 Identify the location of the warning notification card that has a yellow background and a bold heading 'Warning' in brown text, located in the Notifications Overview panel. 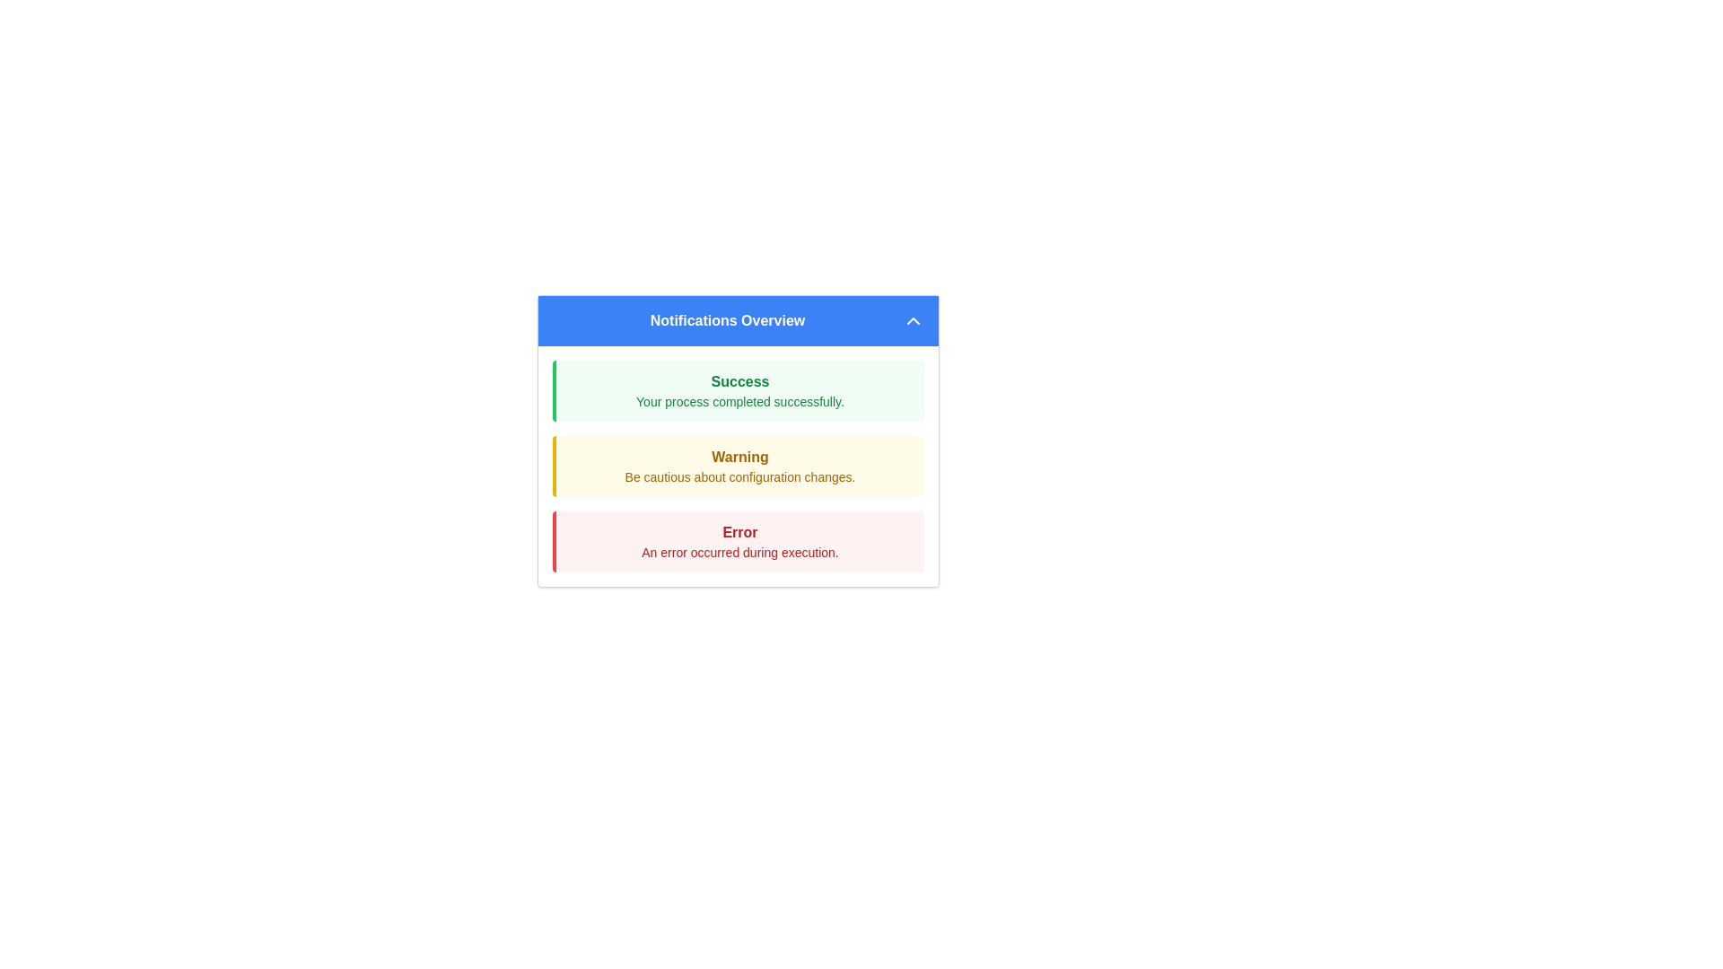
(738, 441).